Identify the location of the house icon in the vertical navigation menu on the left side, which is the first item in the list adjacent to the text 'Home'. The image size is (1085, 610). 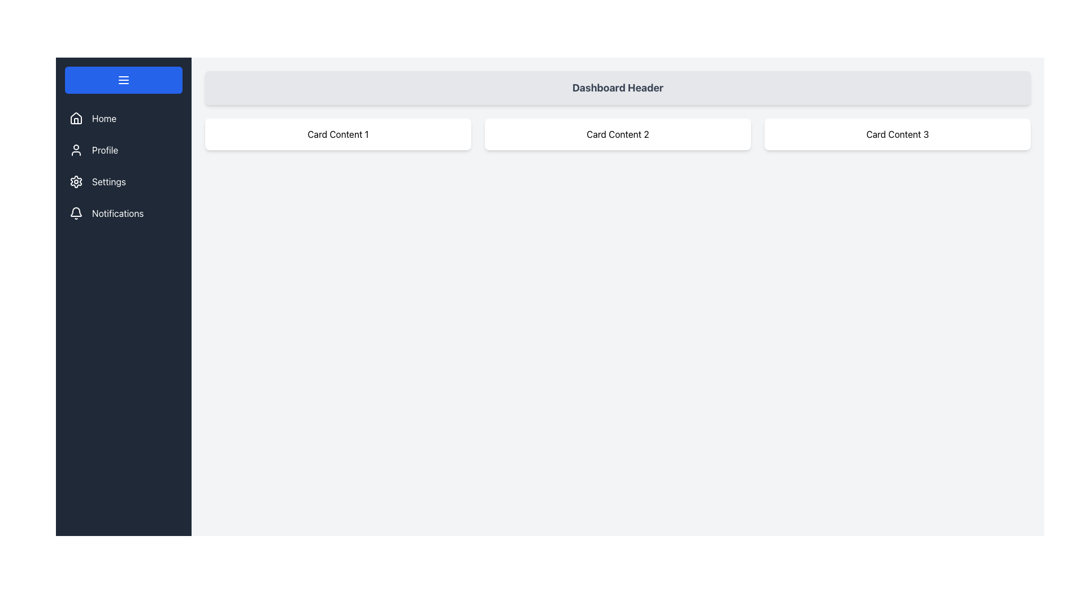
(75, 118).